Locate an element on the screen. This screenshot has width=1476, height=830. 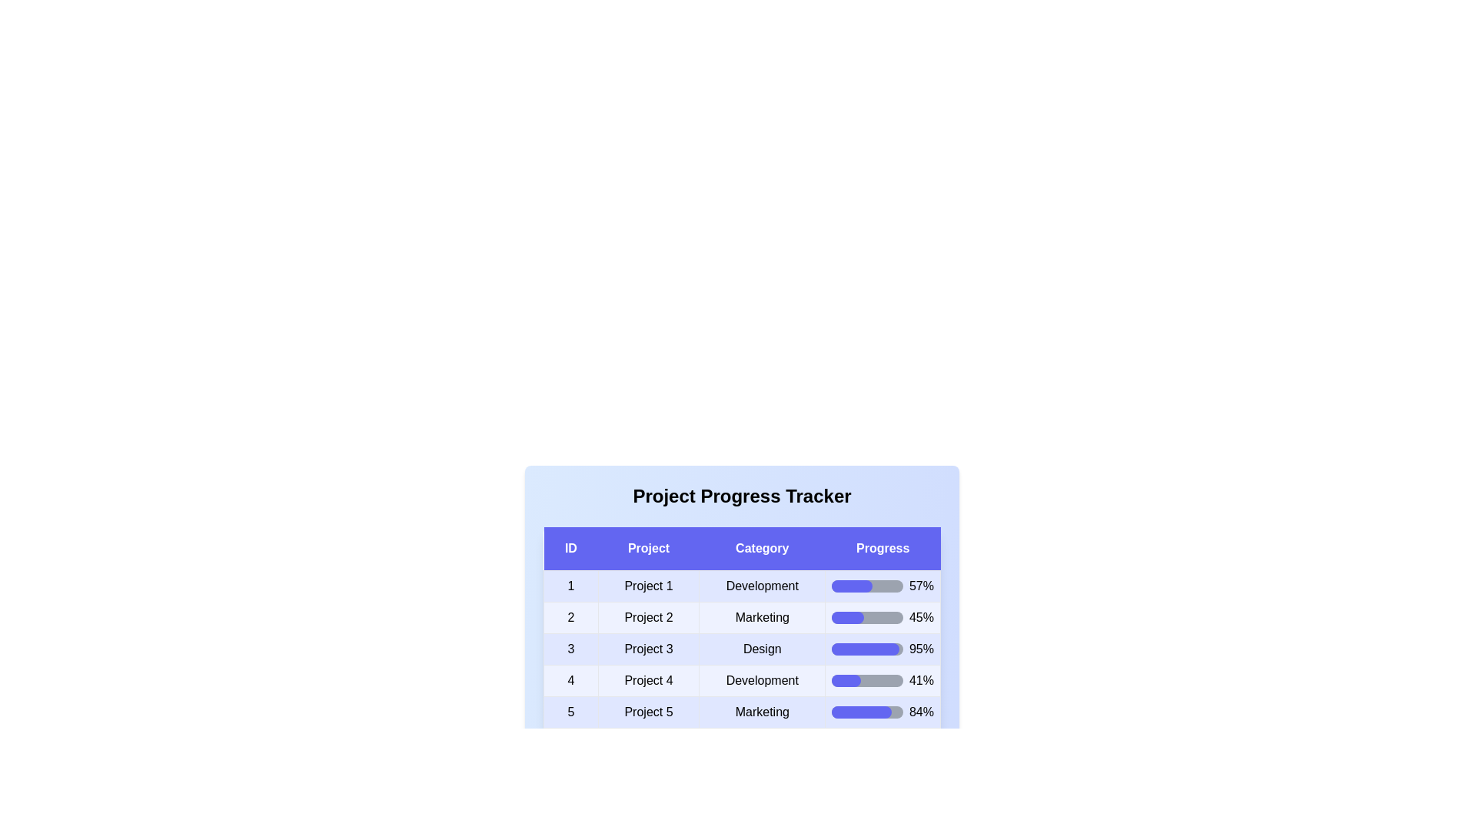
the cell corresponding to 1 to select its text is located at coordinates (570, 586).